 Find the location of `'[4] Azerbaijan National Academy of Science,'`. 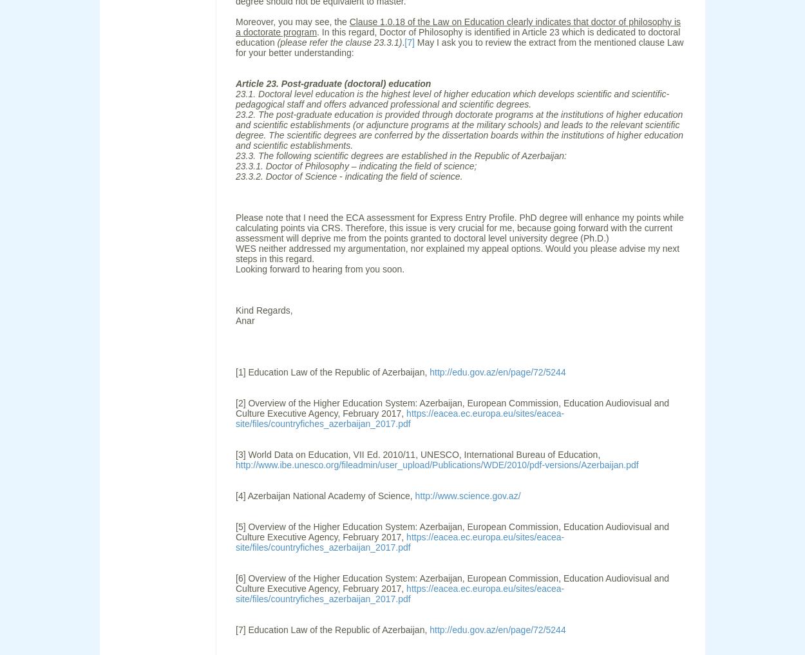

'[4] Azerbaijan National Academy of Science,' is located at coordinates (325, 495).